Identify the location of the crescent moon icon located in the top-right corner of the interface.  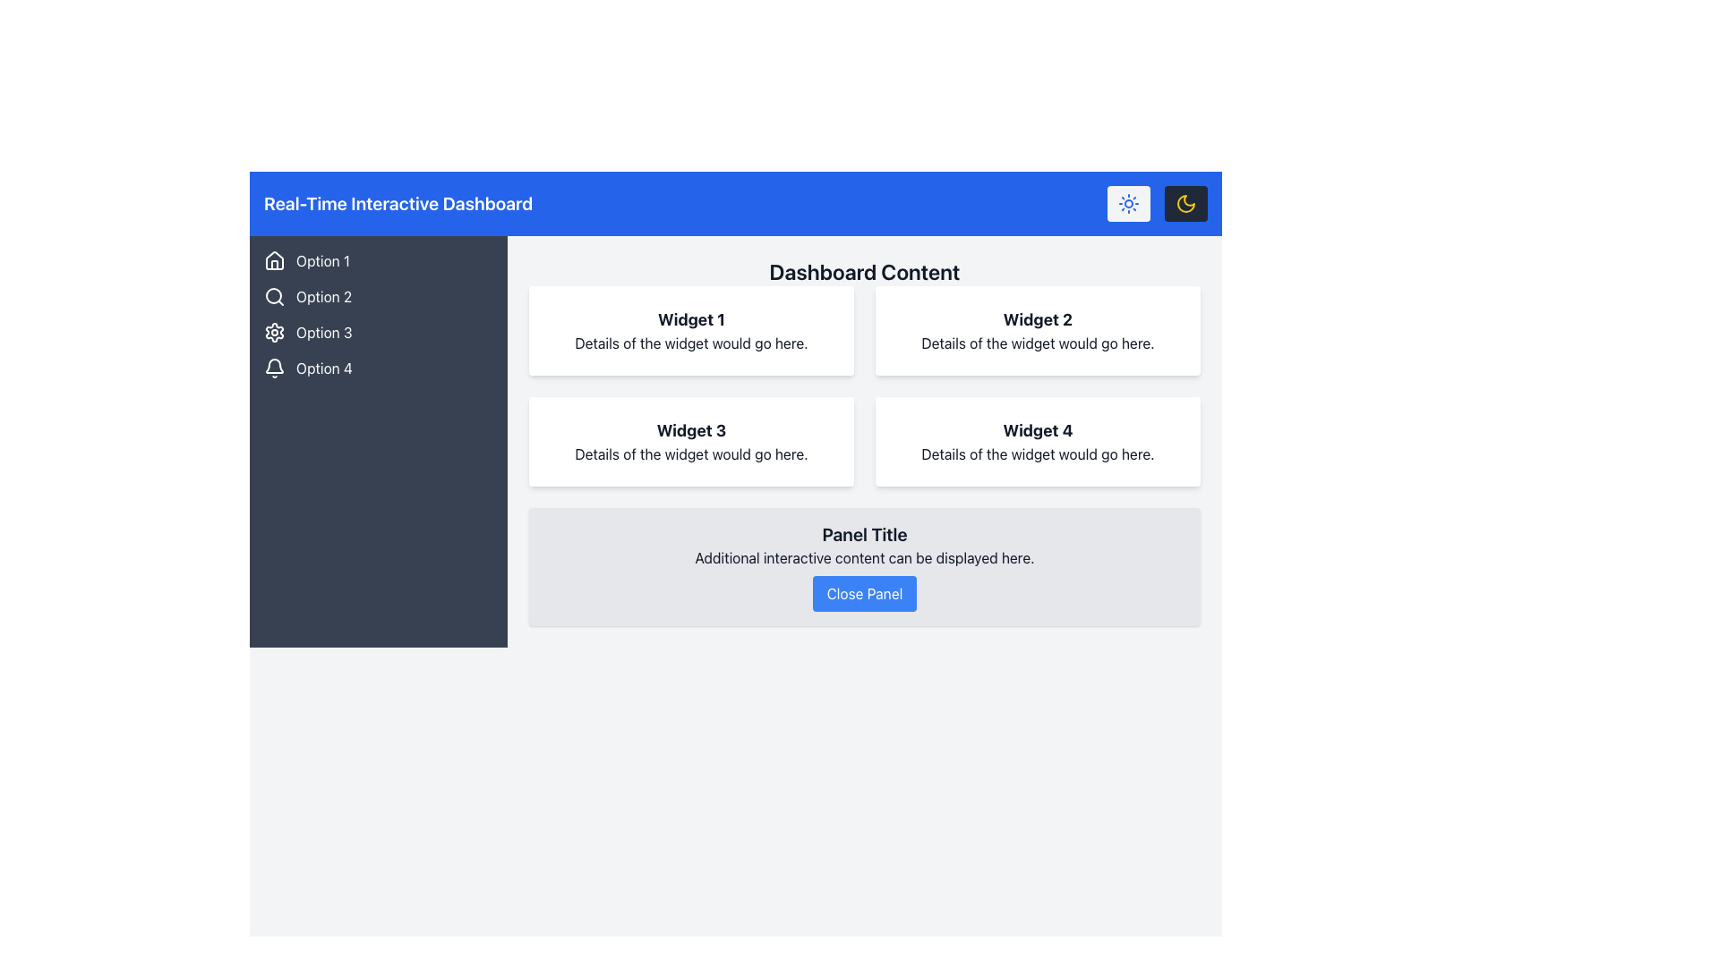
(1185, 202).